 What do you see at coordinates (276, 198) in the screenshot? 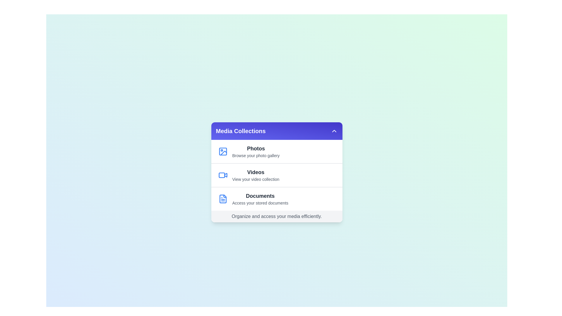
I see `the menu item Documents to view its associated media collection` at bounding box center [276, 198].